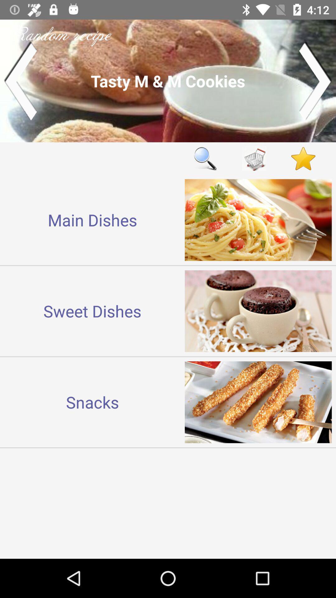 This screenshot has width=336, height=598. I want to click on adicionar a seus favoritos, so click(303, 159).